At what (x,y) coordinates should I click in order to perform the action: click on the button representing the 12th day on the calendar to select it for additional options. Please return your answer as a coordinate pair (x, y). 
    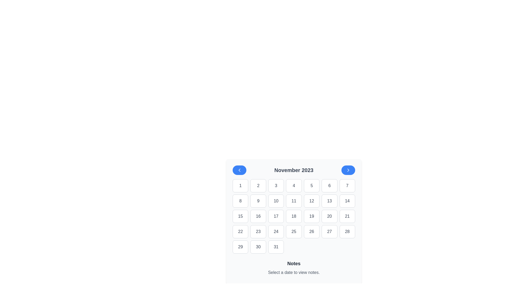
    Looking at the image, I should click on (312, 201).